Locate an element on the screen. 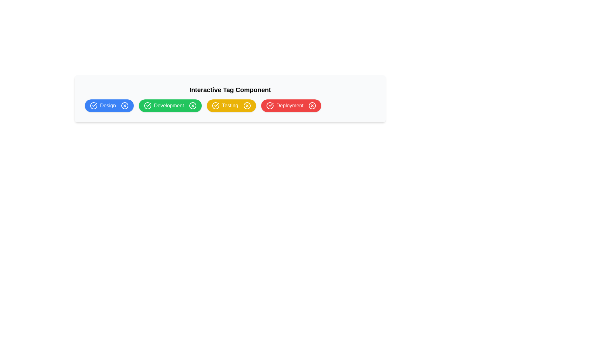 The height and width of the screenshot is (343, 610). the checkmark icon within the yellow 'Testing' label, which is the third label in a horizontal layout of colored tags is located at coordinates (217, 104).